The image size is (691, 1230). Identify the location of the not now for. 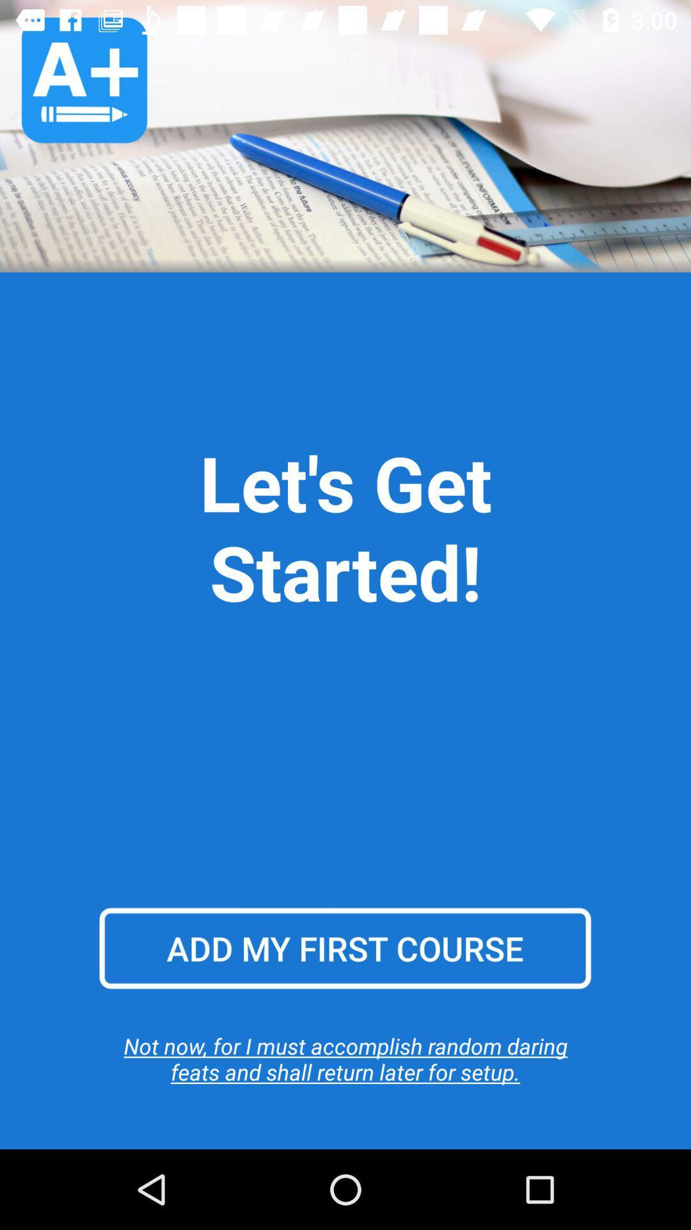
(345, 1058).